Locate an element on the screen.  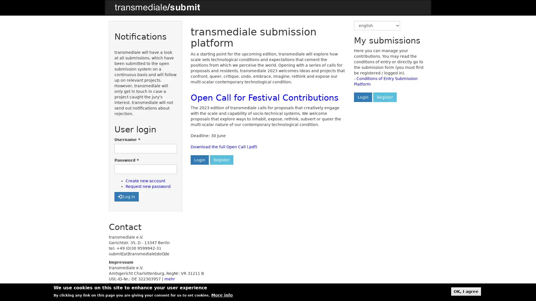
Login is located at coordinates (363, 97).